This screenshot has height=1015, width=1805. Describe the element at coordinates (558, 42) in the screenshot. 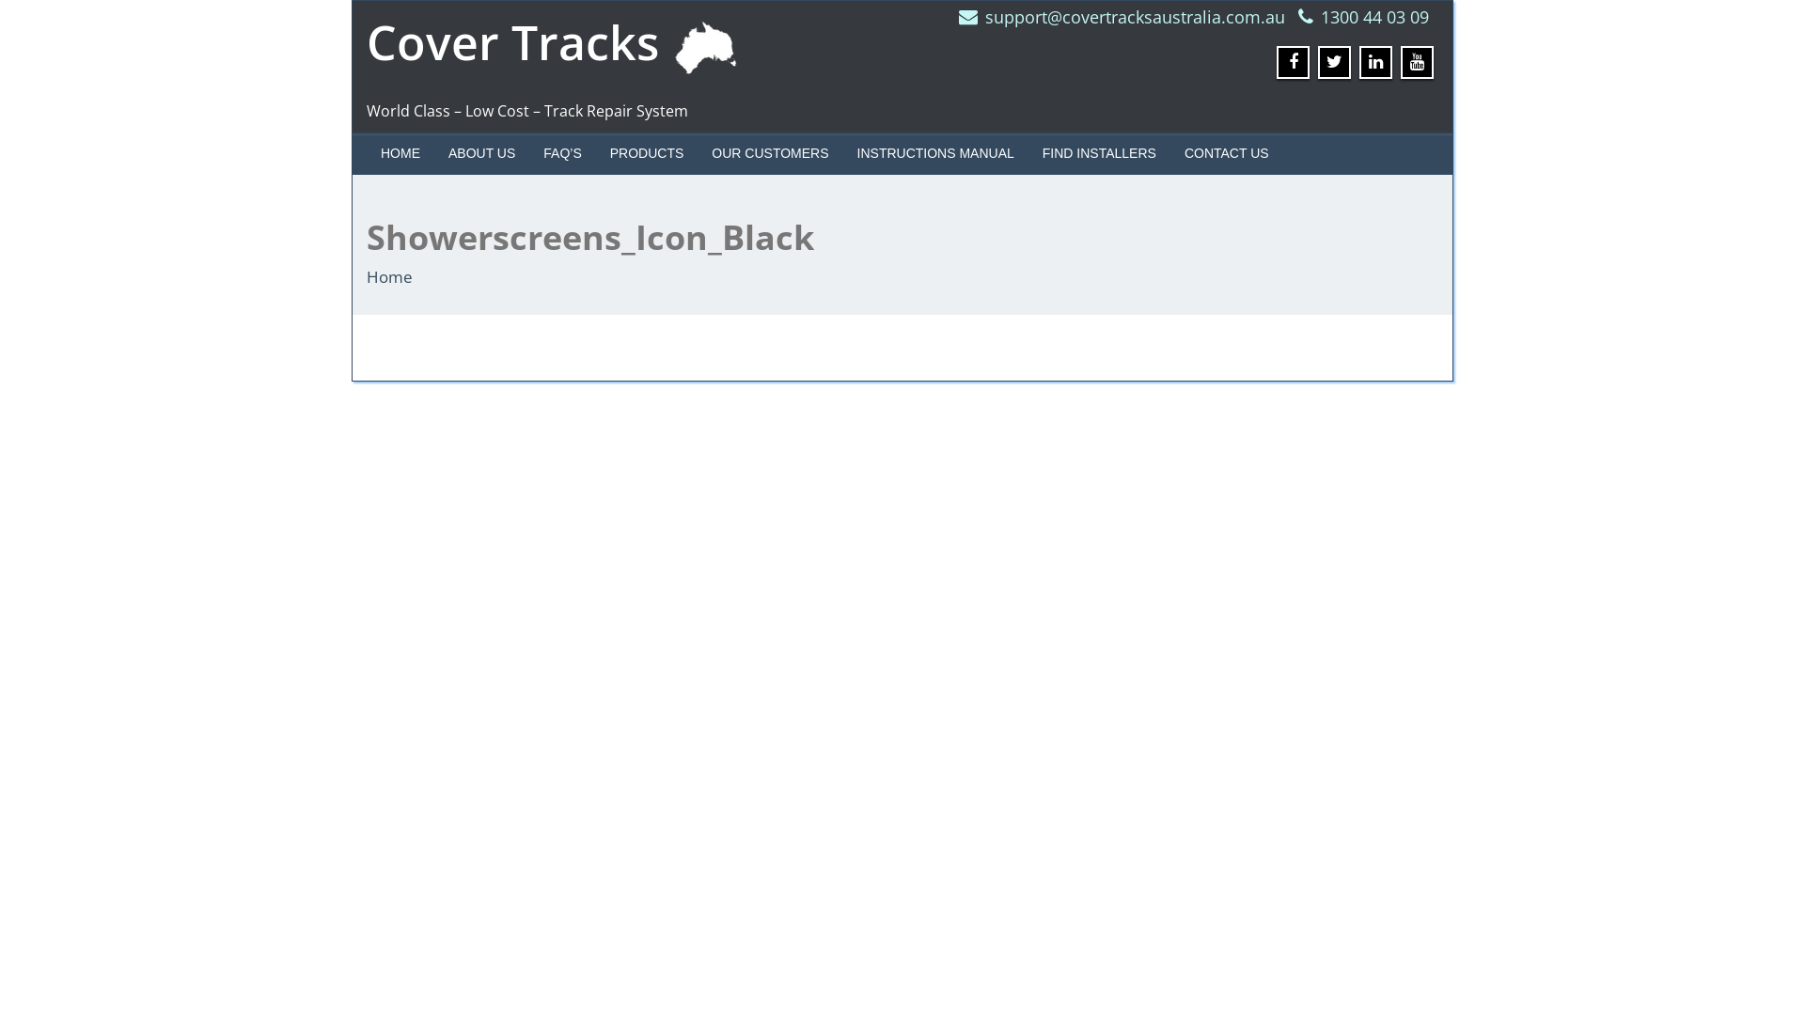

I see `'Cover Tracks'` at that location.